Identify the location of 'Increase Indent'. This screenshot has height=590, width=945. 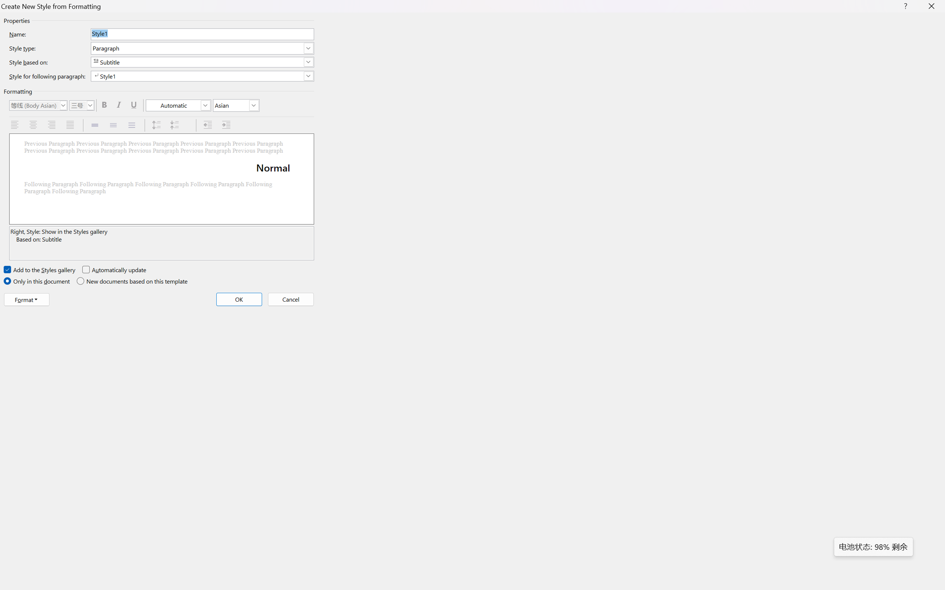
(227, 125).